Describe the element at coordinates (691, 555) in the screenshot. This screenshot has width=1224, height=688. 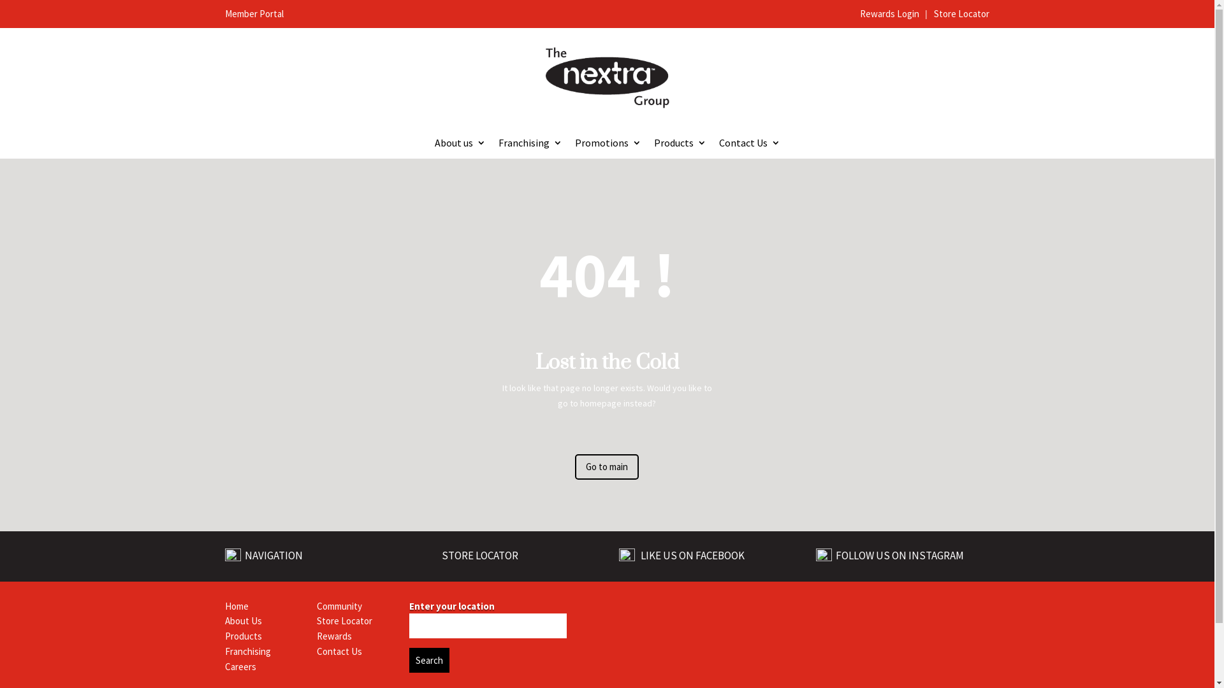
I see `'LIKE US ON FACEBOOK'` at that location.